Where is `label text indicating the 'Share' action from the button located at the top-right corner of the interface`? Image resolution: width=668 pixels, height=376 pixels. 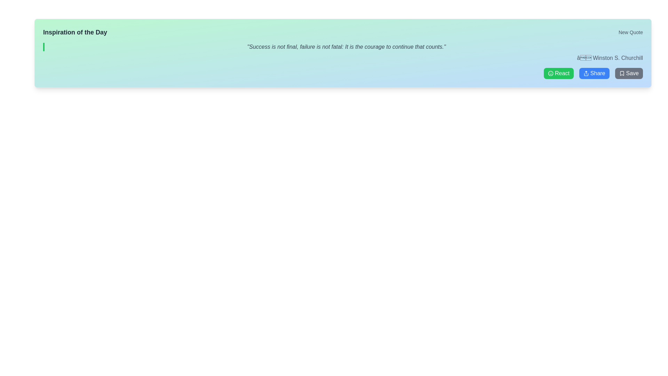 label text indicating the 'Share' action from the button located at the top-right corner of the interface is located at coordinates (597, 73).